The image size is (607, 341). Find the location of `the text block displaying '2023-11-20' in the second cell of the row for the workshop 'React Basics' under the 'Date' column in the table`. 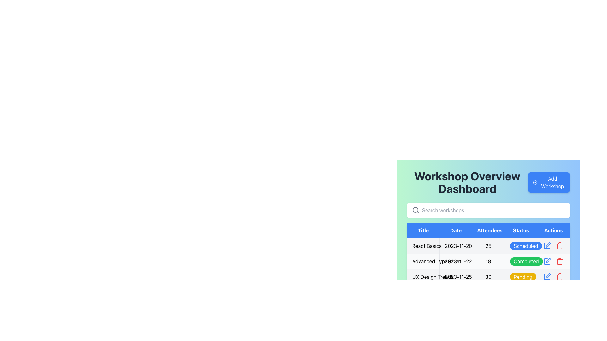

the text block displaying '2023-11-20' in the second cell of the row for the workshop 'React Basics' under the 'Date' column in the table is located at coordinates (456, 246).